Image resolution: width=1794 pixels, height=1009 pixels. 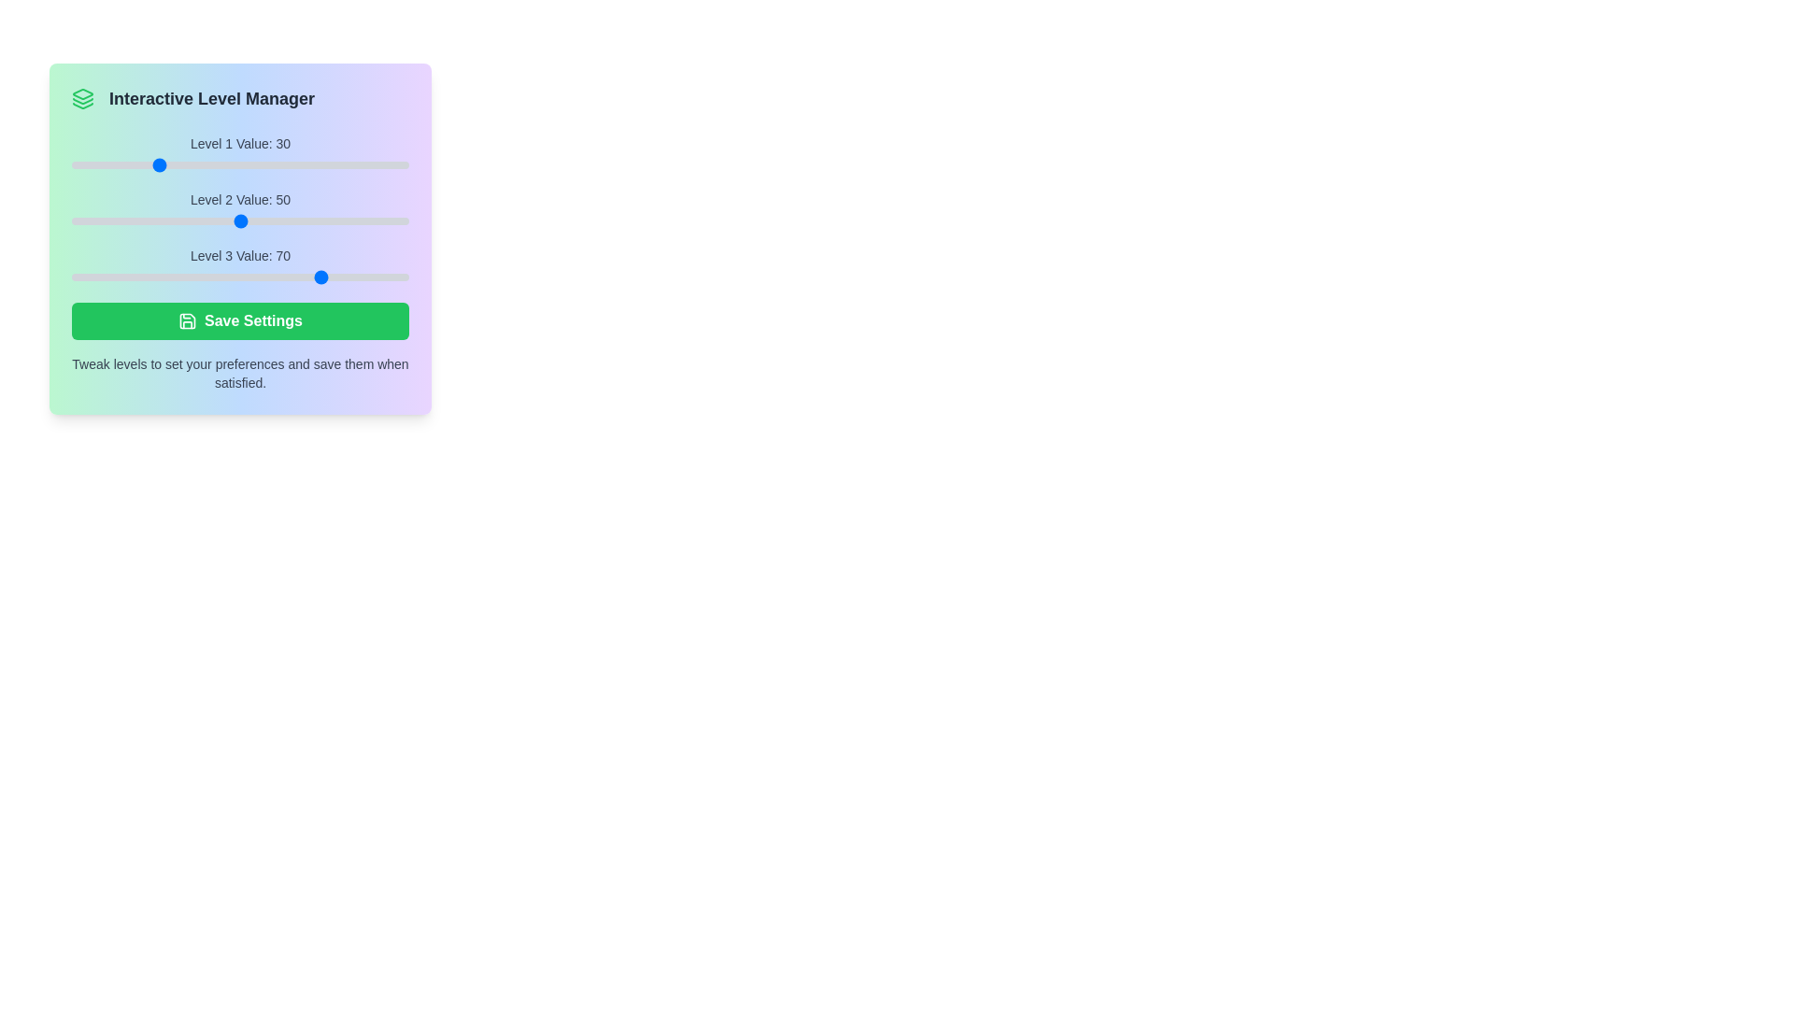 I want to click on the handle of the second slider labeled 'Level 2', so click(x=239, y=210).